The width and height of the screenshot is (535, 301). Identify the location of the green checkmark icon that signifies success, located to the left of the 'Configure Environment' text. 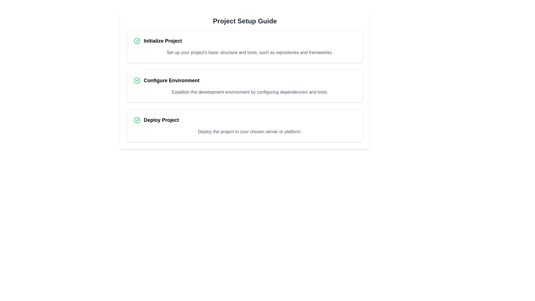
(137, 81).